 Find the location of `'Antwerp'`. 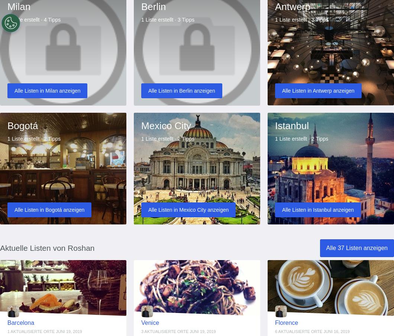

'Antwerp' is located at coordinates (274, 6).